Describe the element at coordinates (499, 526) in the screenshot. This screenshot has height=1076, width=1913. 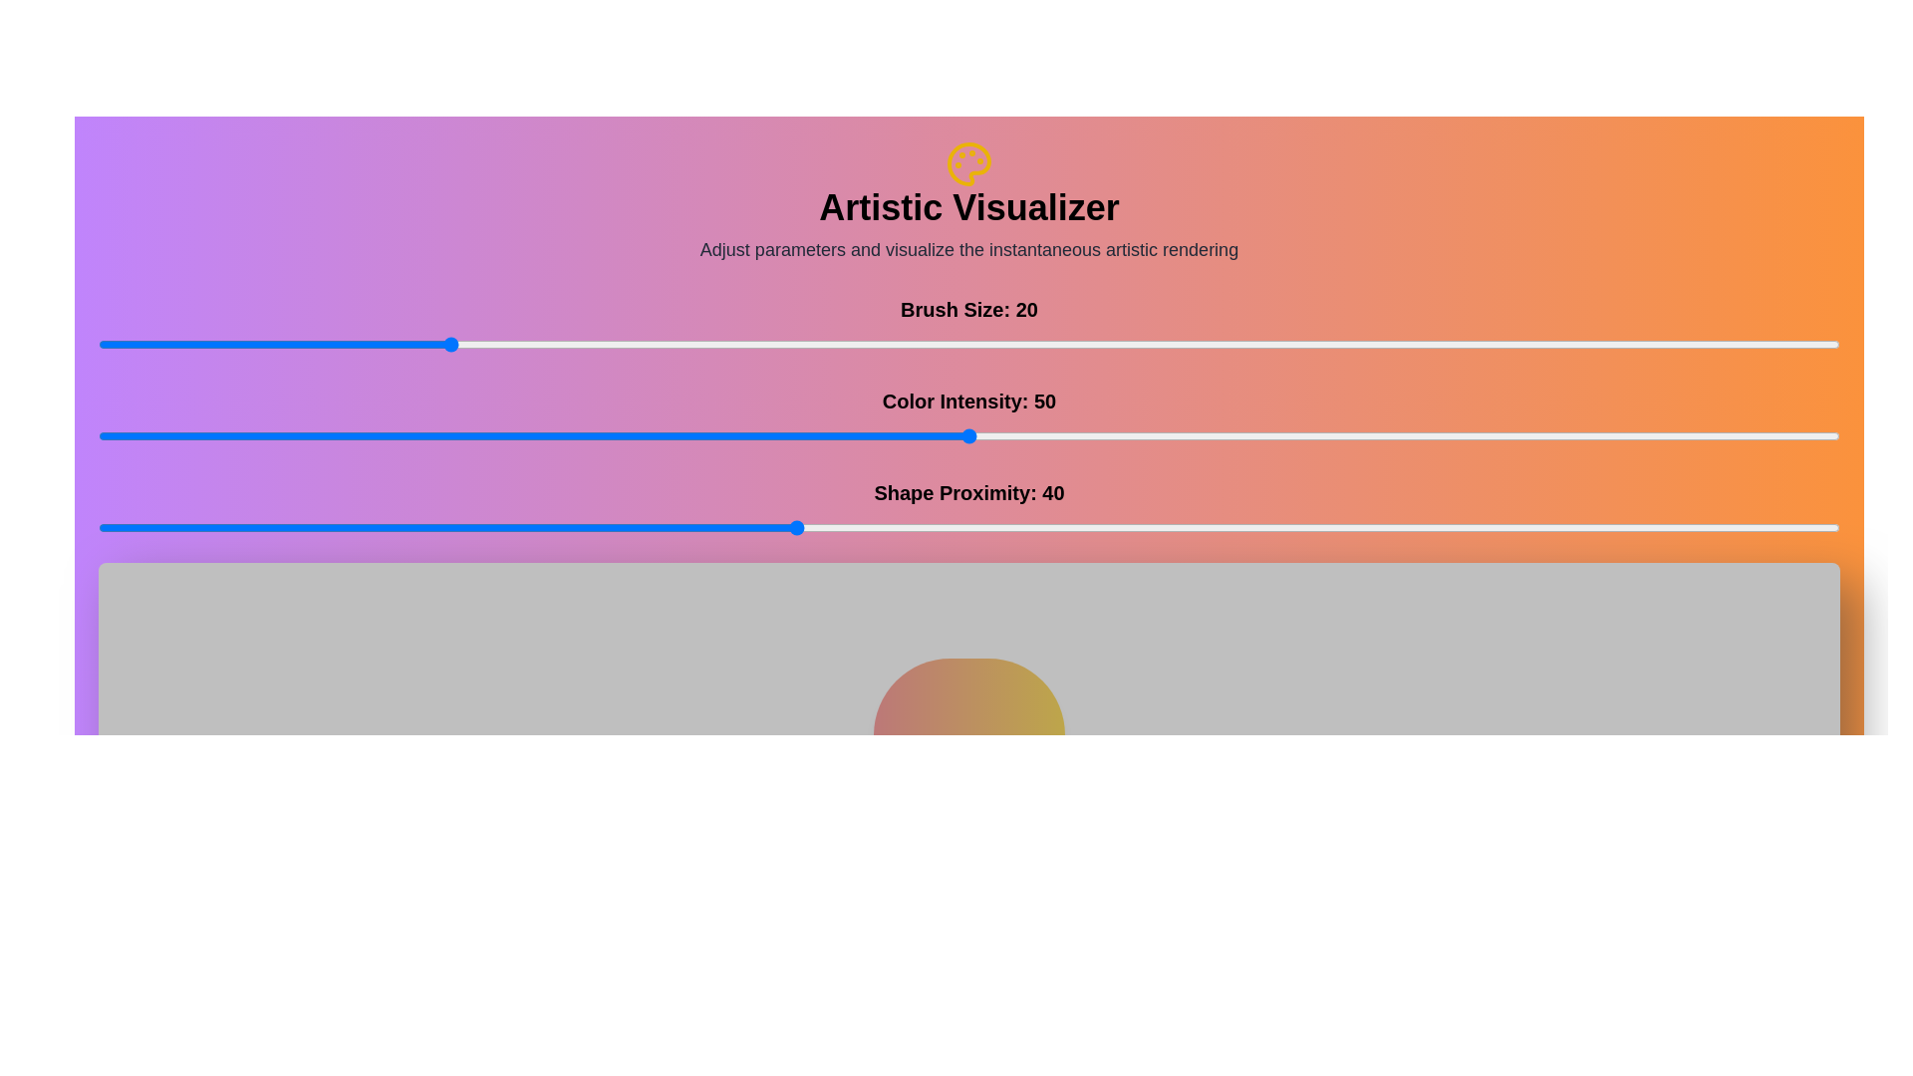
I see `the 'Shape Proximity' slider to 23 value` at that location.